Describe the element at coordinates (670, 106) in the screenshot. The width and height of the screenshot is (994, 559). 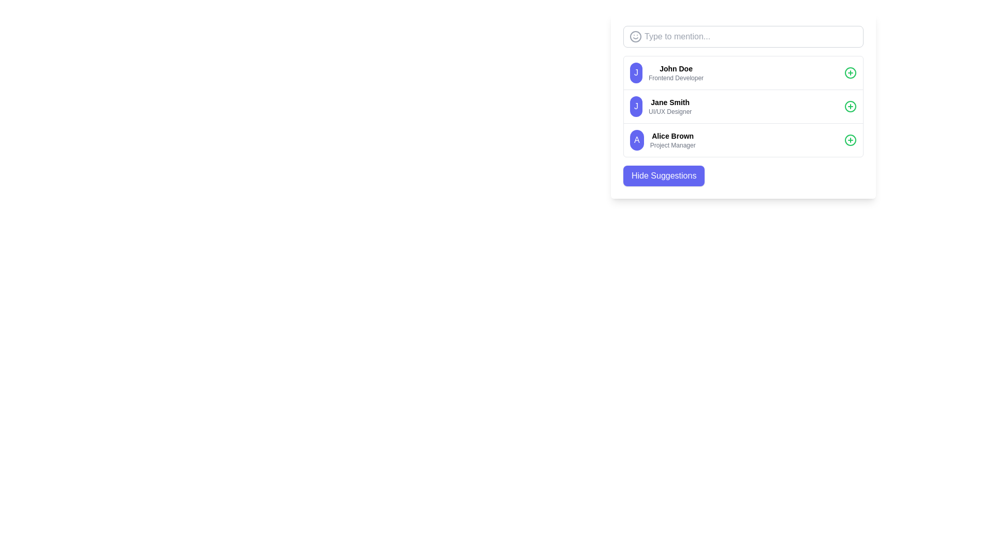
I see `the Text element displaying 'Jane Smith' and 'UI/UX Designer'` at that location.